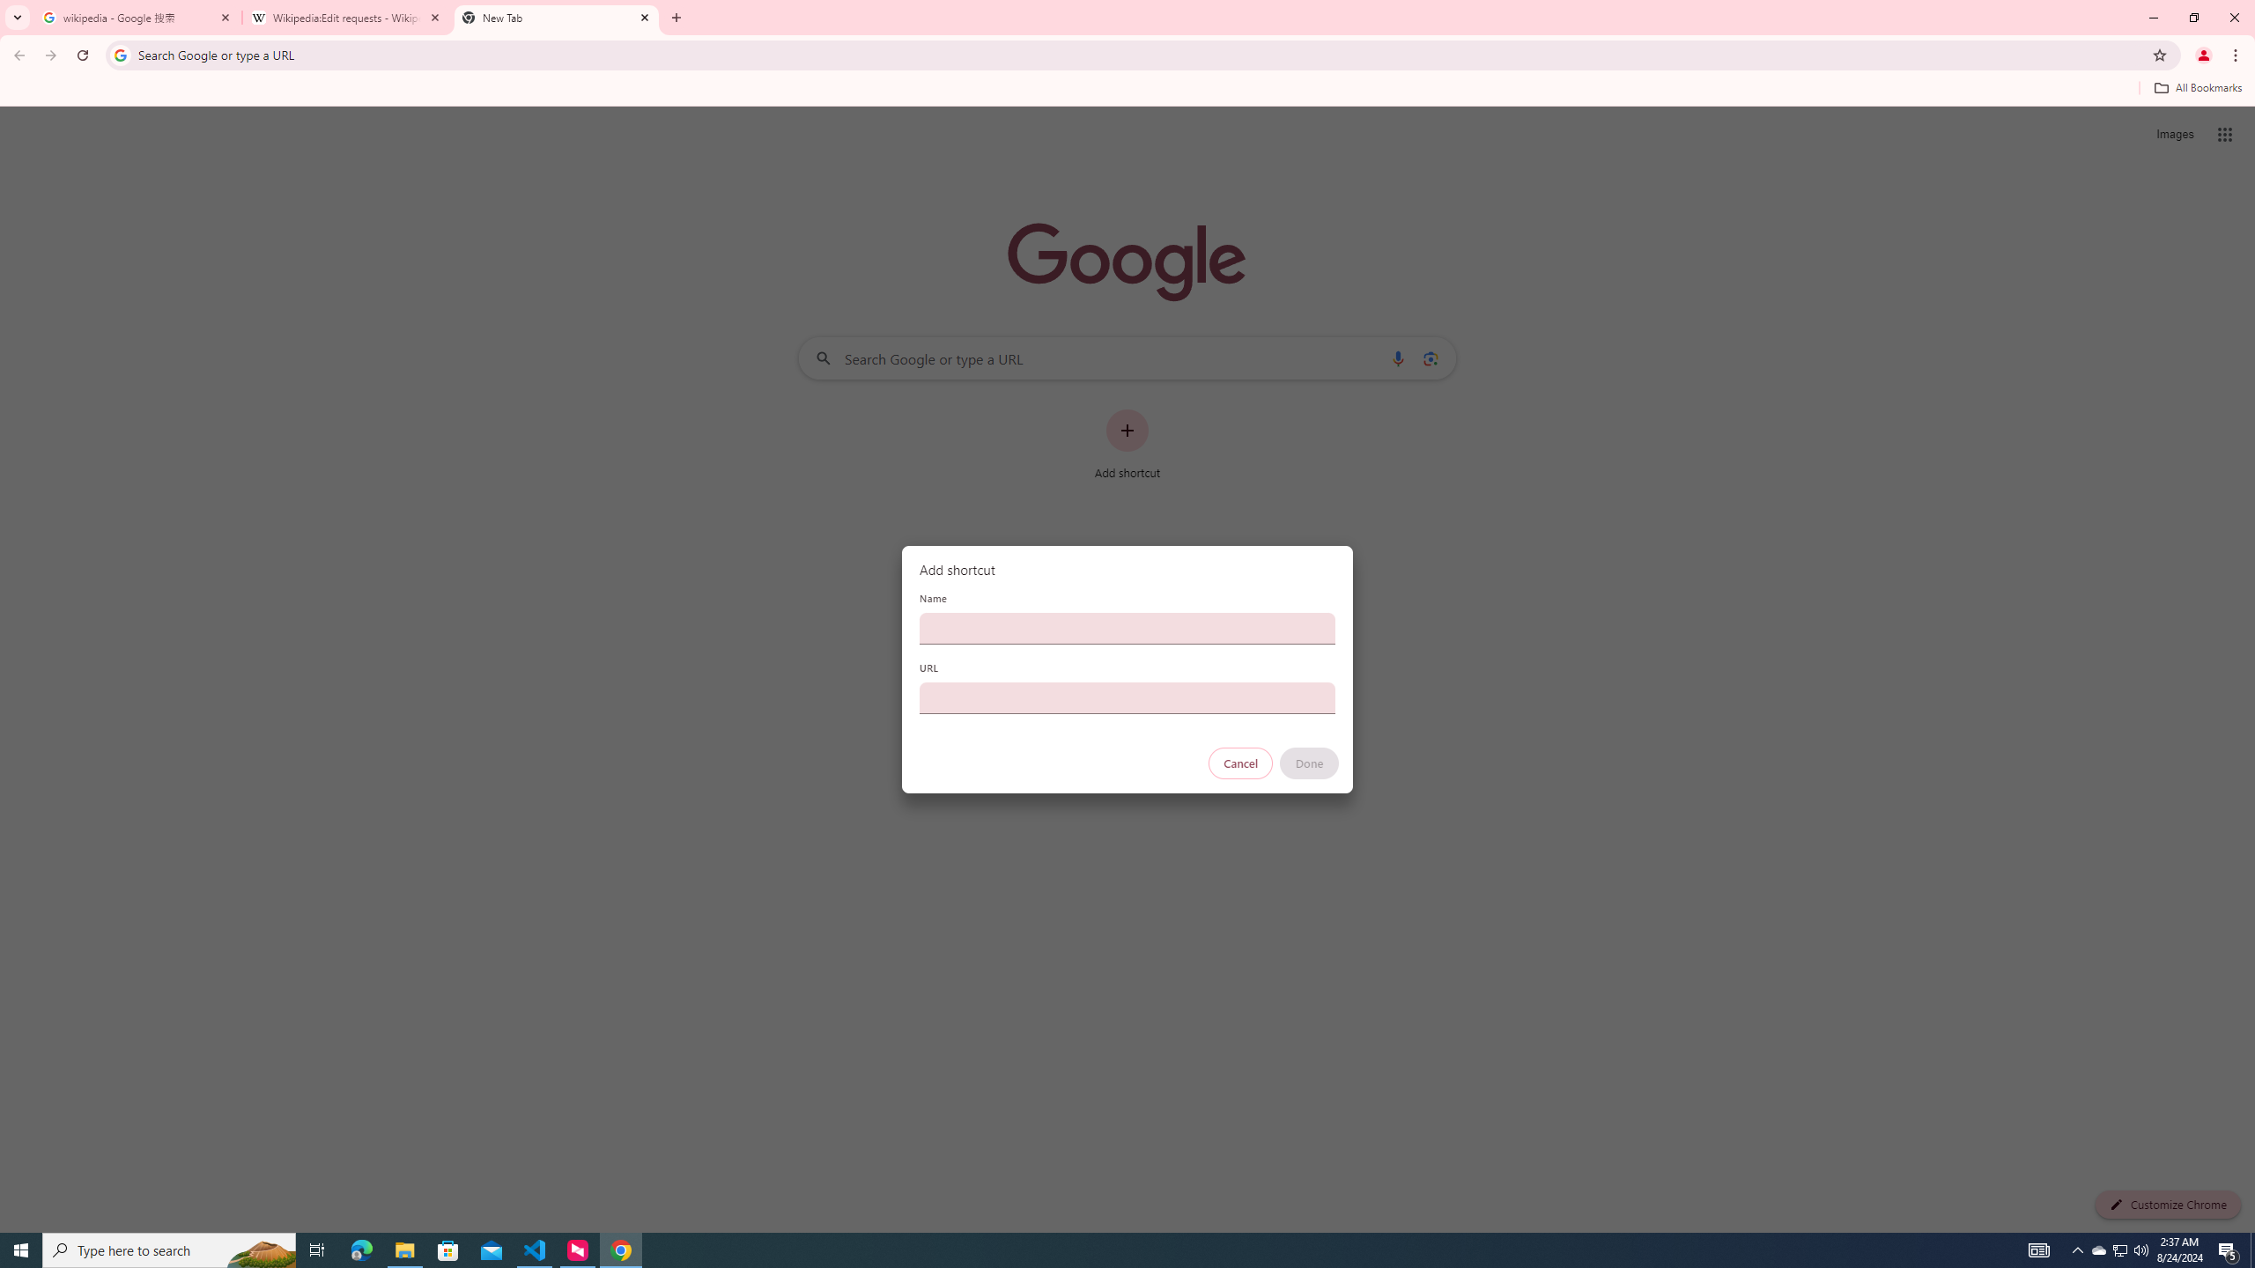 This screenshot has width=2255, height=1268. What do you see at coordinates (2158, 54) in the screenshot?
I see `'Bookmark this tab'` at bounding box center [2158, 54].